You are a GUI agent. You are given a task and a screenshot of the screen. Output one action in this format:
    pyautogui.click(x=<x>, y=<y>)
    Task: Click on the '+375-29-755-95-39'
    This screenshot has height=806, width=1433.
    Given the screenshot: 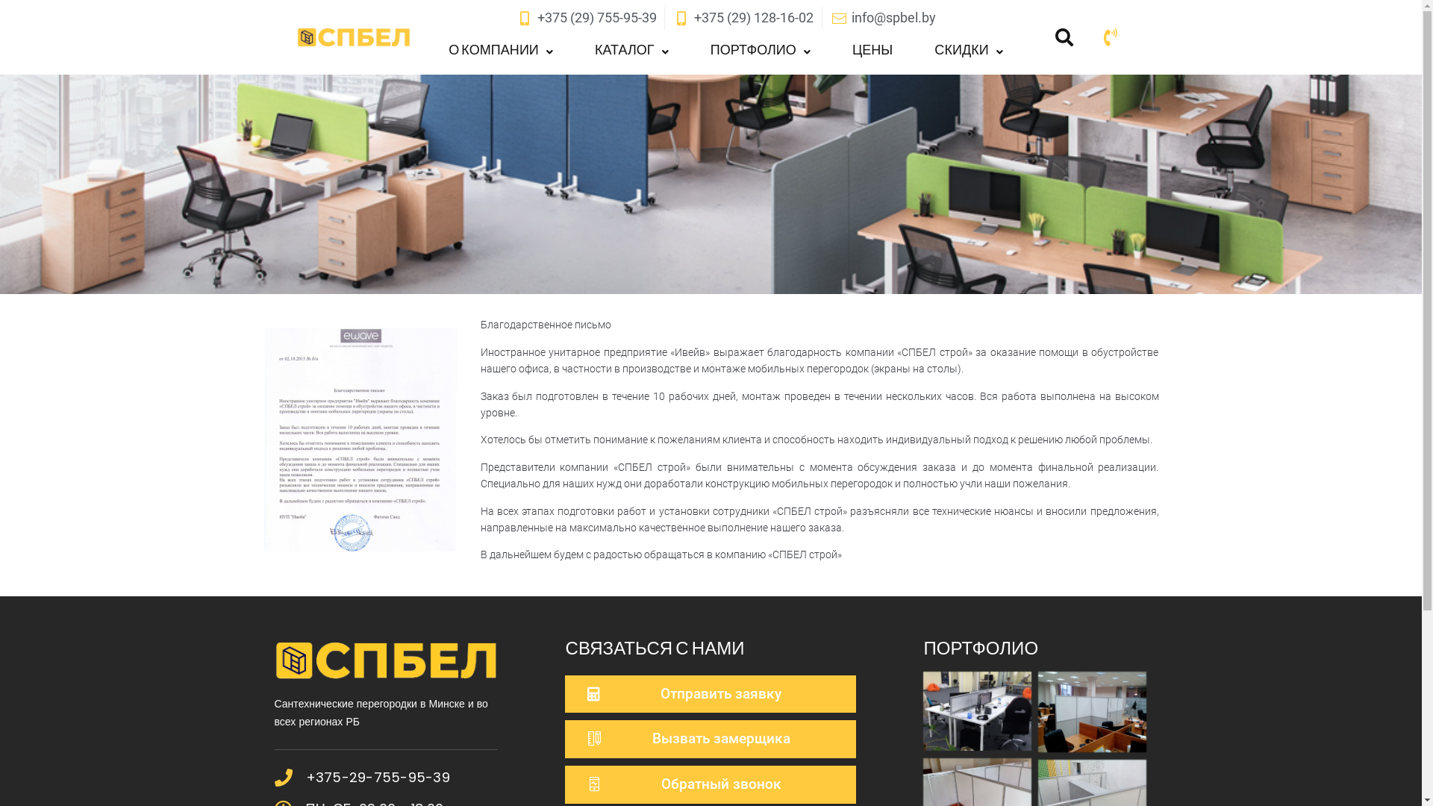 What is the action you would take?
    pyautogui.click(x=378, y=776)
    